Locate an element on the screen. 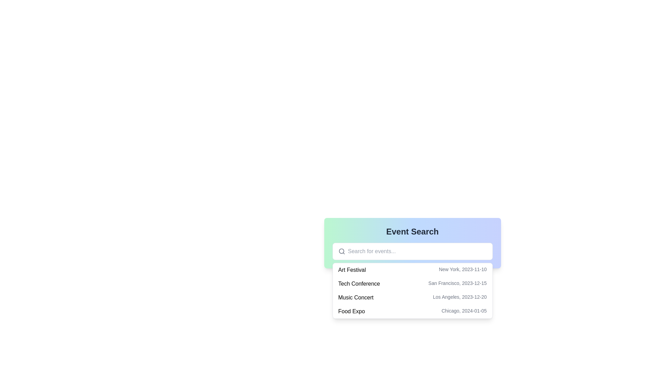 The image size is (663, 373). the fourth item in the search result dropdown menu, which provides information about an event, located below the 'Music Concert' entry is located at coordinates (412, 312).